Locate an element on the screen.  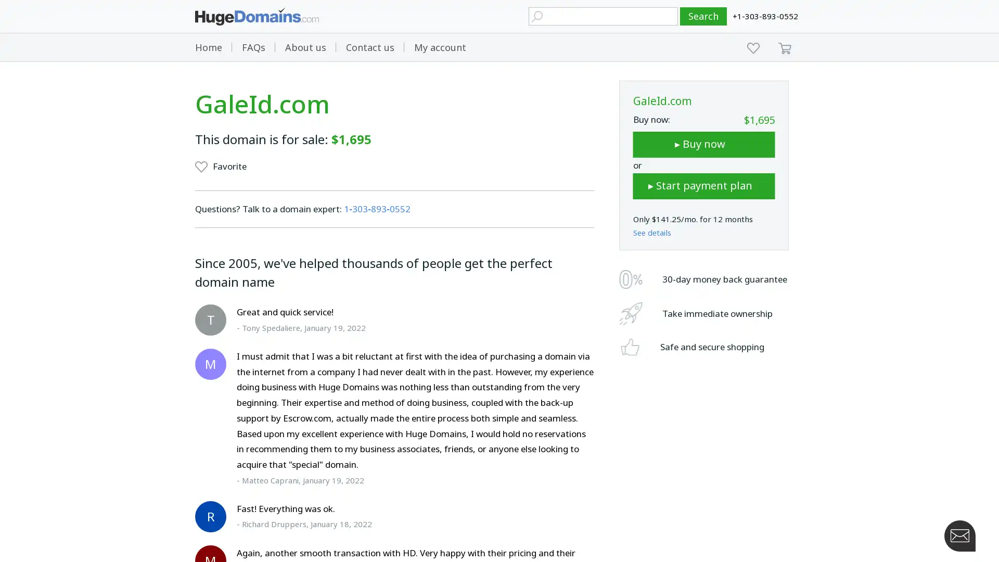
Search is located at coordinates (703, 16).